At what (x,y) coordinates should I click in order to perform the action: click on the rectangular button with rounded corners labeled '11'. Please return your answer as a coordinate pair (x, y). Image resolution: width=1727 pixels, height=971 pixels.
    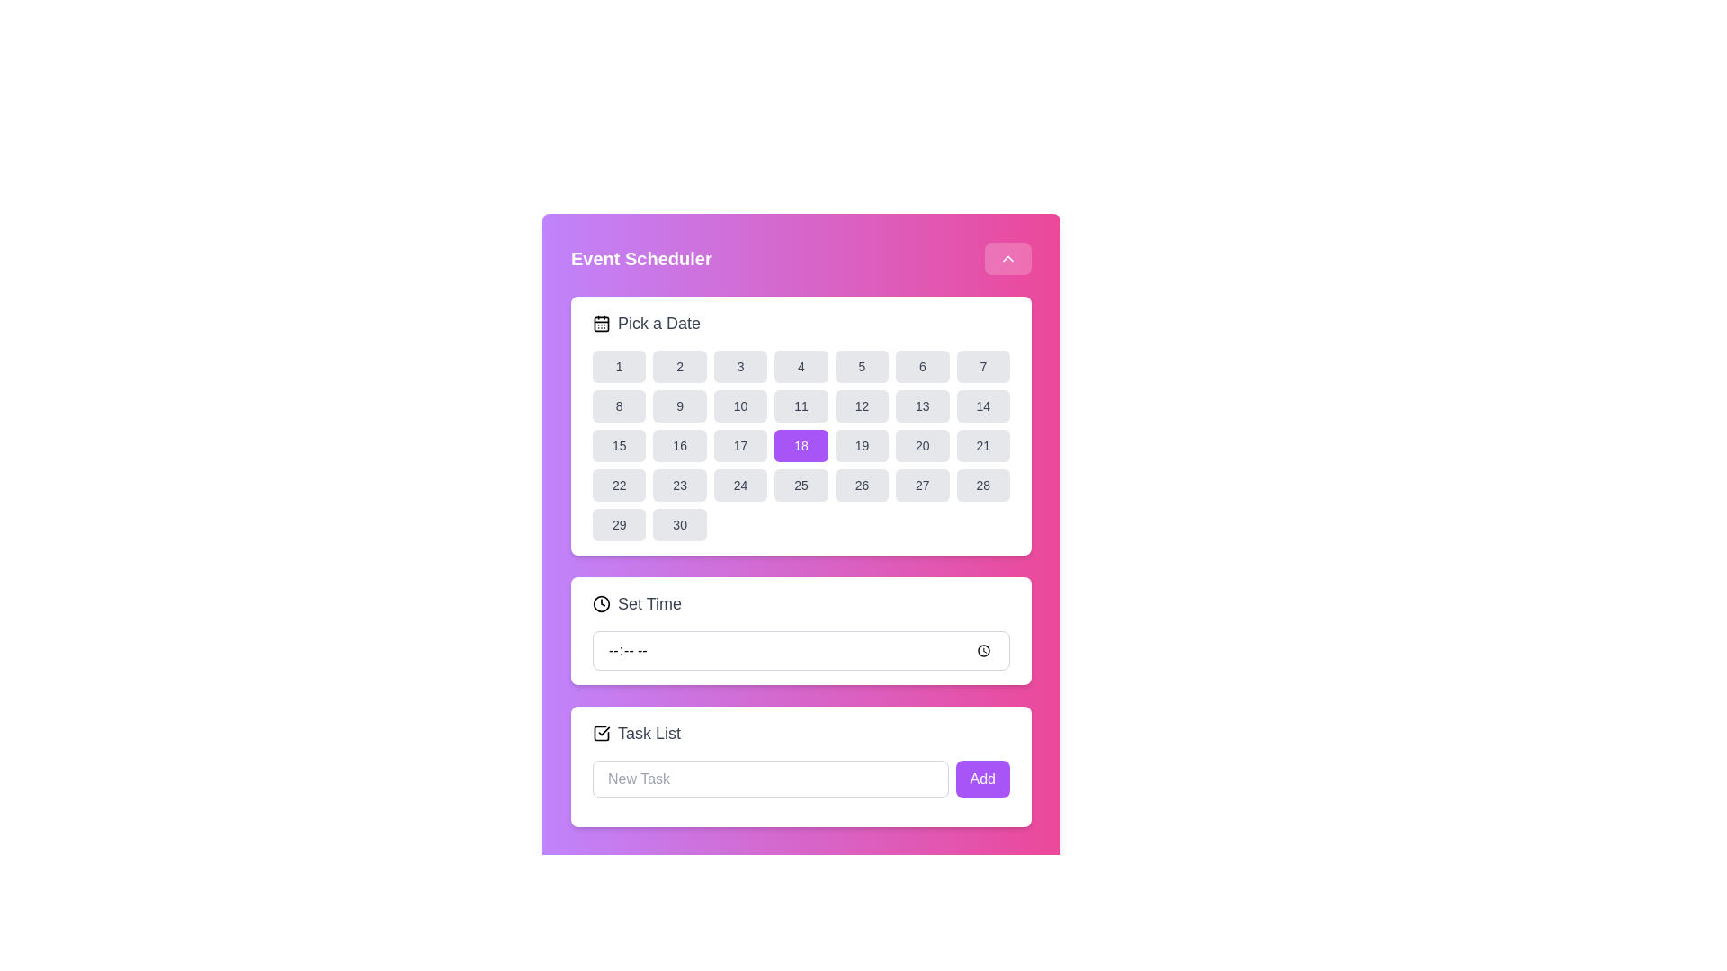
    Looking at the image, I should click on (801, 405).